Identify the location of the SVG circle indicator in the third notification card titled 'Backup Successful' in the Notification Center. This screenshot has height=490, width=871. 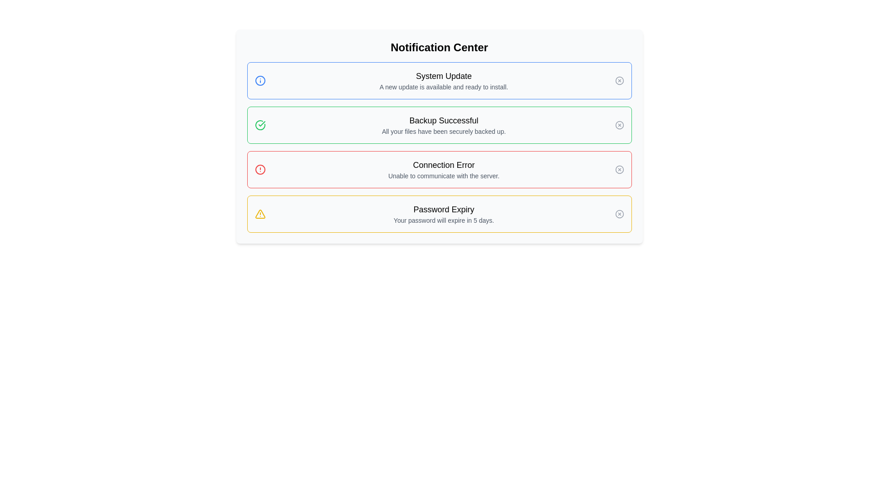
(619, 125).